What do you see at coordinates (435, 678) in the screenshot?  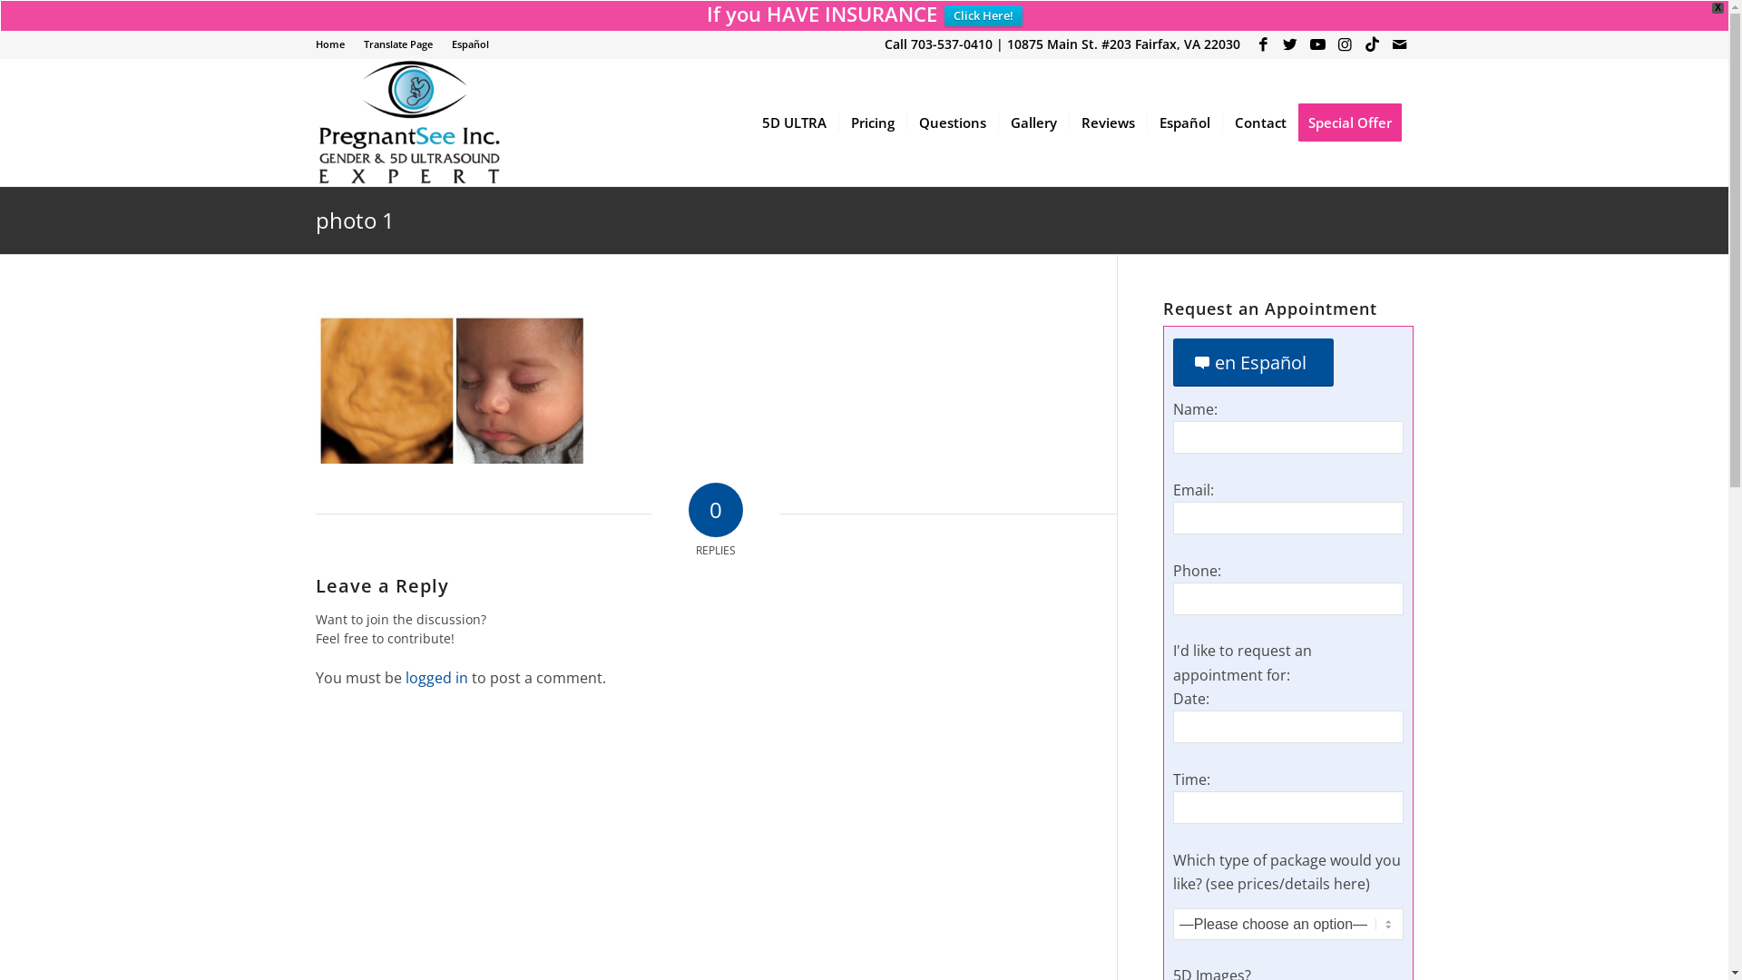 I see `'logged in'` at bounding box center [435, 678].